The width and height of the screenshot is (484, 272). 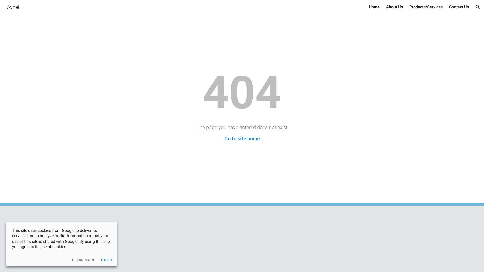 I want to click on 'Home', so click(x=369, y=7).